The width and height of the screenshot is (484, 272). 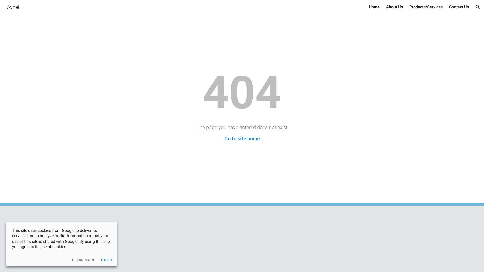 I want to click on 'Home', so click(x=369, y=7).